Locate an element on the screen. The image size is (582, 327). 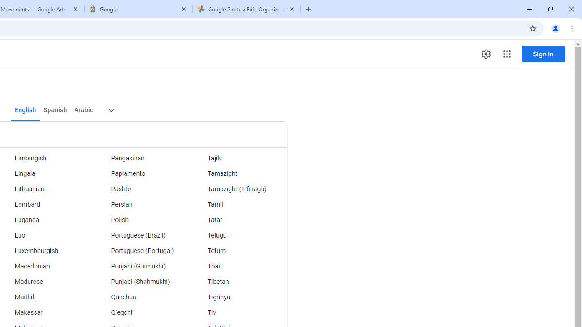
'Tiv' is located at coordinates (239, 312).